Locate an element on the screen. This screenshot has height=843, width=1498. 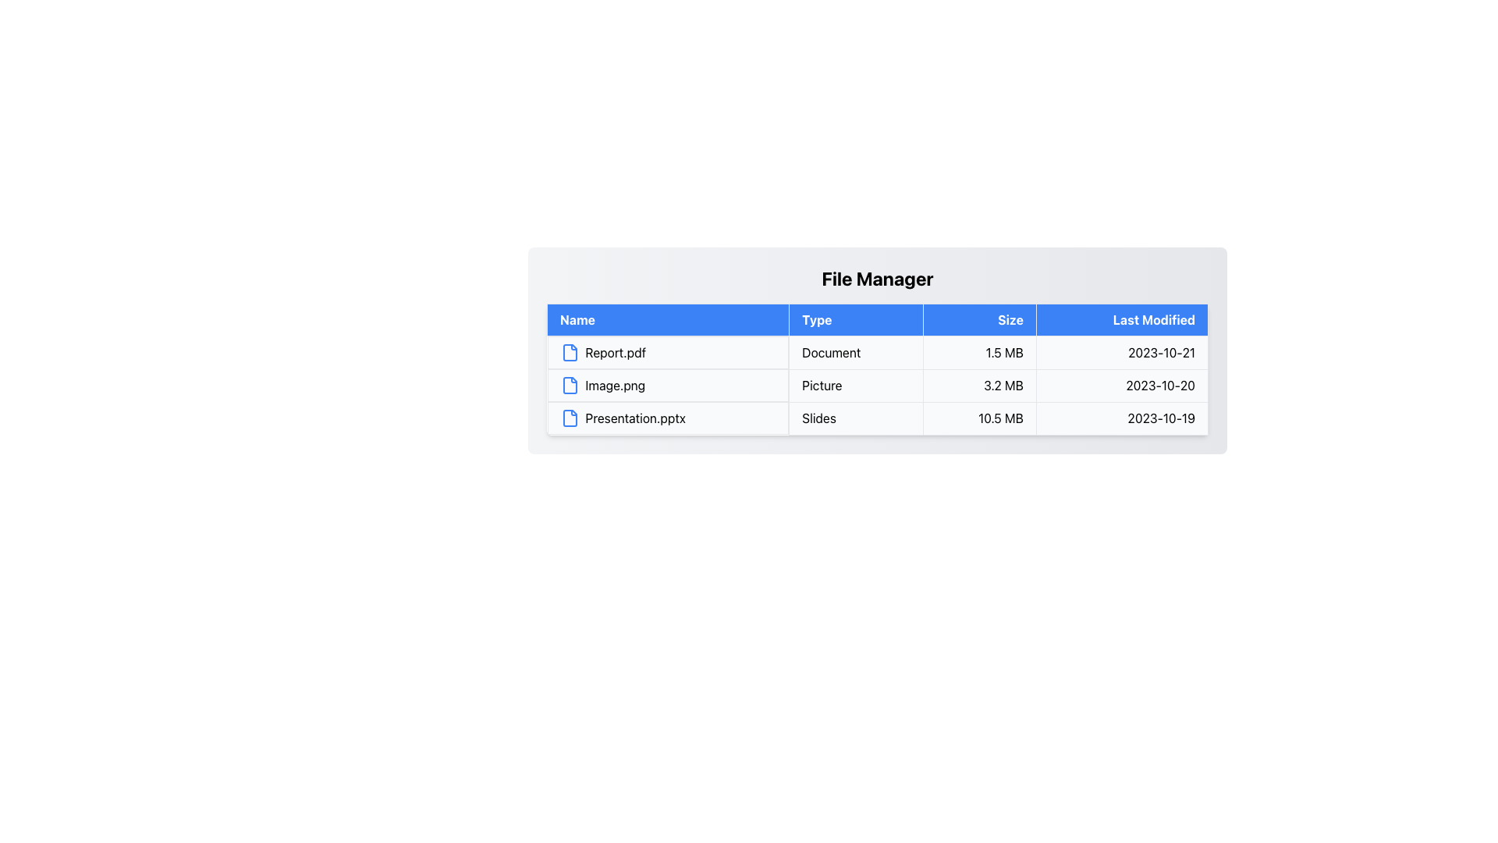
the 'Document' text label in the 'Type' column of the table, which is styled in black font against a light background is located at coordinates (855, 352).